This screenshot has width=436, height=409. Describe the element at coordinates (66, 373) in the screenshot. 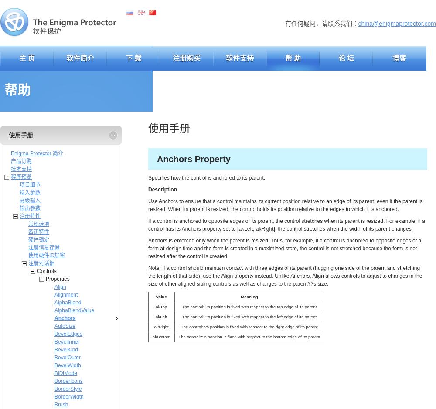

I see `'BiDiMode'` at that location.